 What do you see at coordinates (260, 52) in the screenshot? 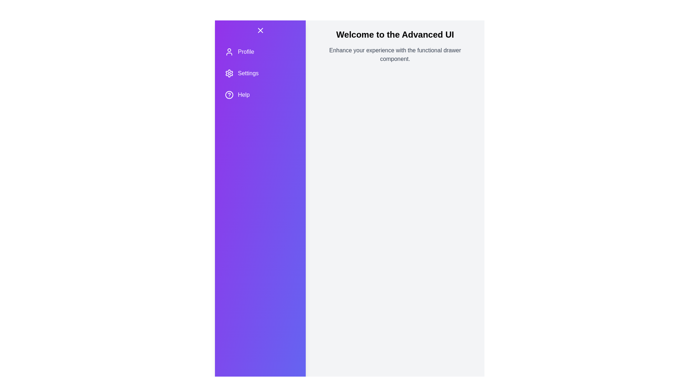
I see `the menu item Profile to change its appearance` at bounding box center [260, 52].